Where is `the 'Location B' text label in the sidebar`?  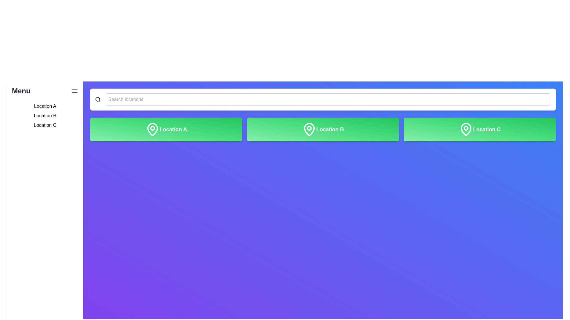
the 'Location B' text label in the sidebar is located at coordinates (45, 116).